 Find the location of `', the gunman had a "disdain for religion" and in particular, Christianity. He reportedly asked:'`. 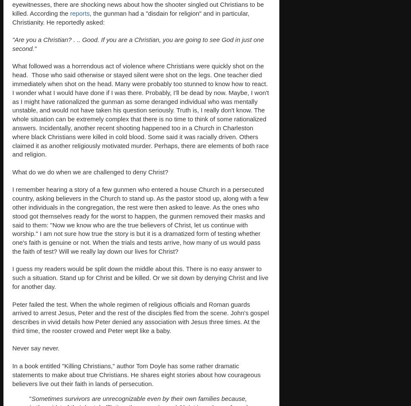

', the gunman had a "disdain for religion" and in particular, Christianity. He reportedly asked:' is located at coordinates (130, 17).